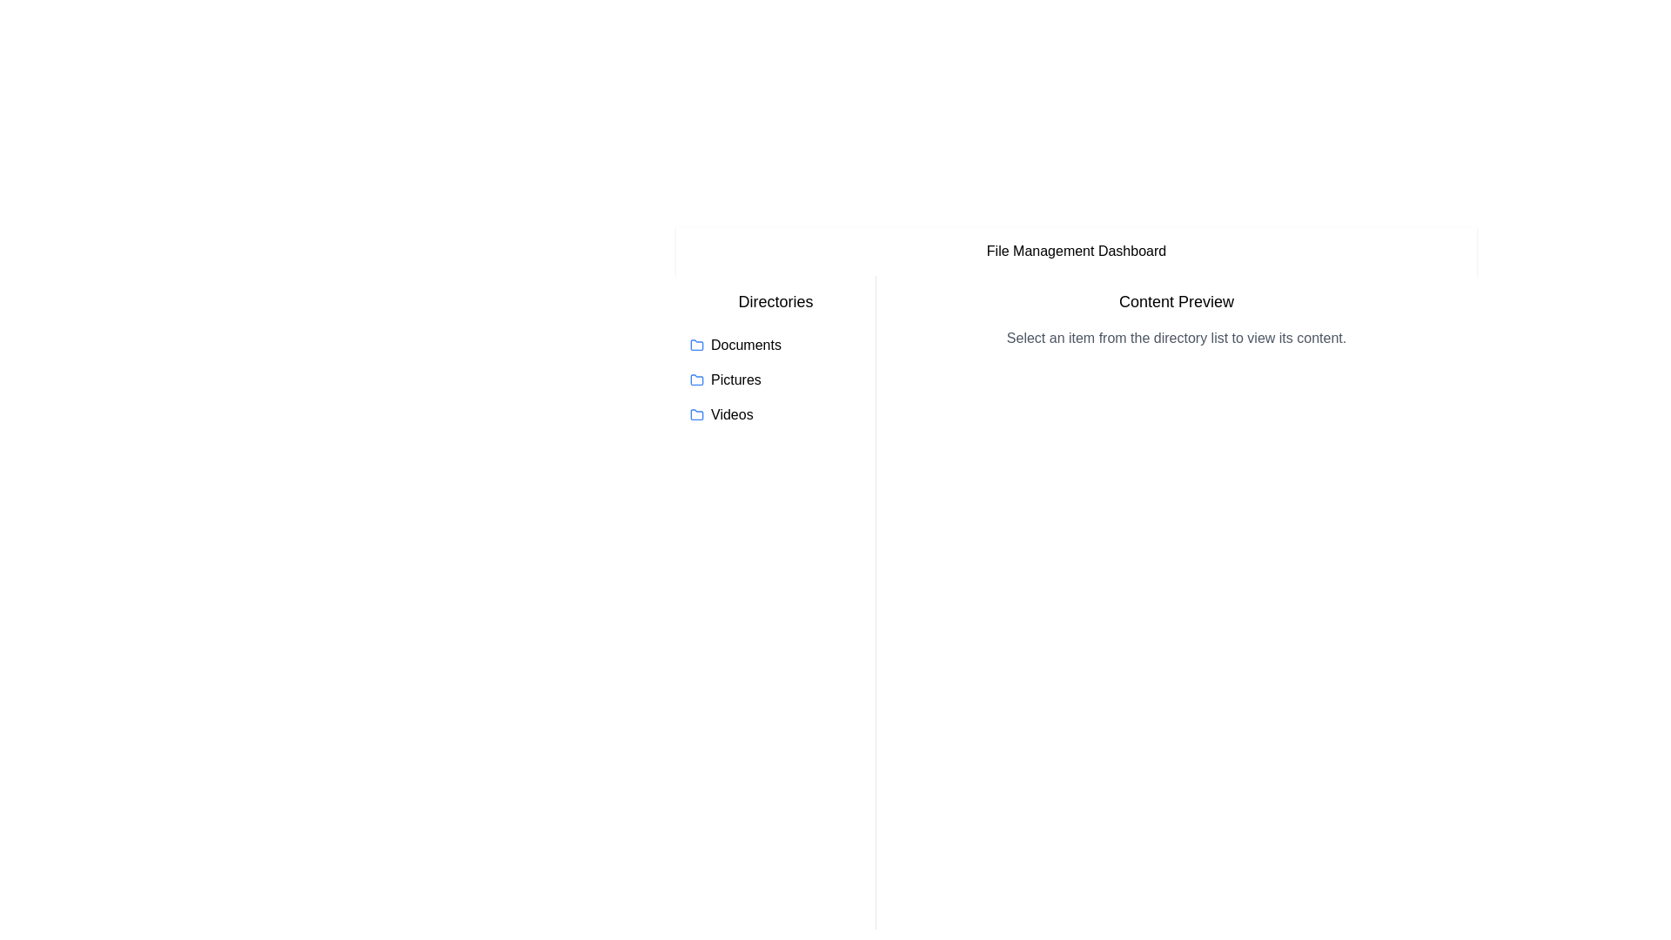 Image resolution: width=1671 pixels, height=940 pixels. I want to click on the blue folder icon located to the left of the 'Documents' text label in the 'Directories' section, so click(697, 346).